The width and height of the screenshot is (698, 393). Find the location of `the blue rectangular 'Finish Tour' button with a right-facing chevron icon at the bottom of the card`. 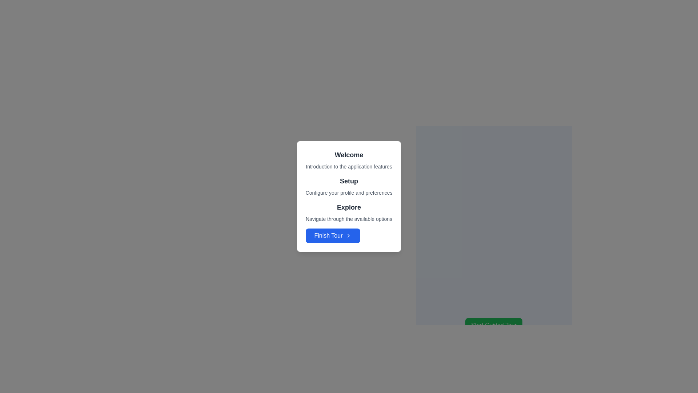

the blue rectangular 'Finish Tour' button with a right-facing chevron icon at the bottom of the card is located at coordinates (332, 236).